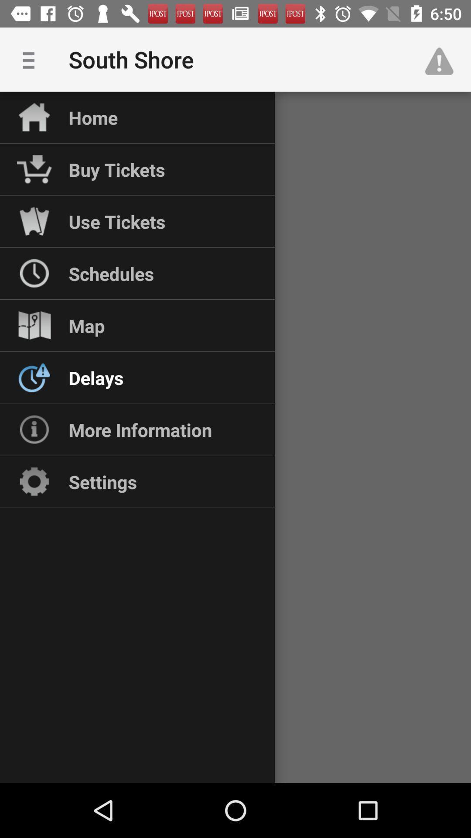 This screenshot has width=471, height=838. Describe the element at coordinates (444, 59) in the screenshot. I see `the icon next to south shore item` at that location.